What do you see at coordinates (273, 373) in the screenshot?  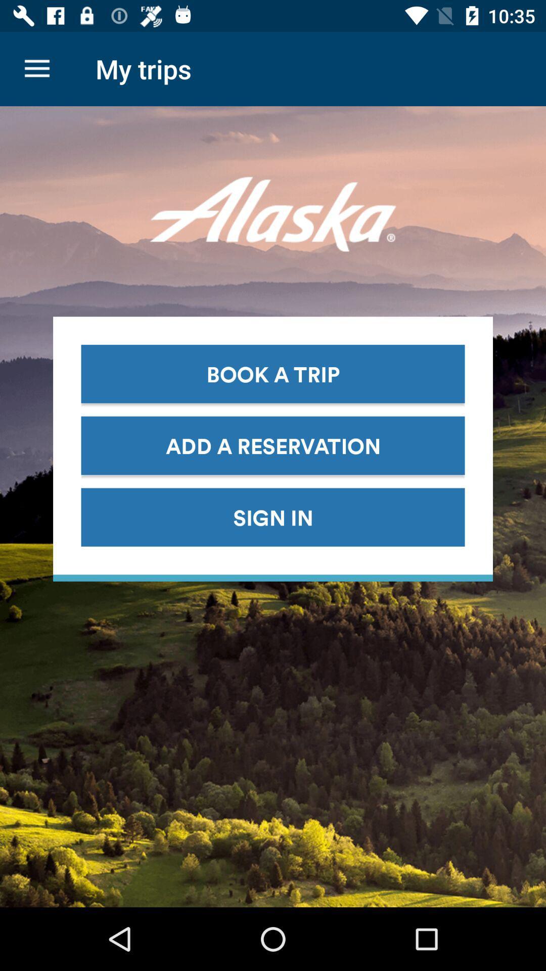 I see `the icon above add a reservation item` at bounding box center [273, 373].